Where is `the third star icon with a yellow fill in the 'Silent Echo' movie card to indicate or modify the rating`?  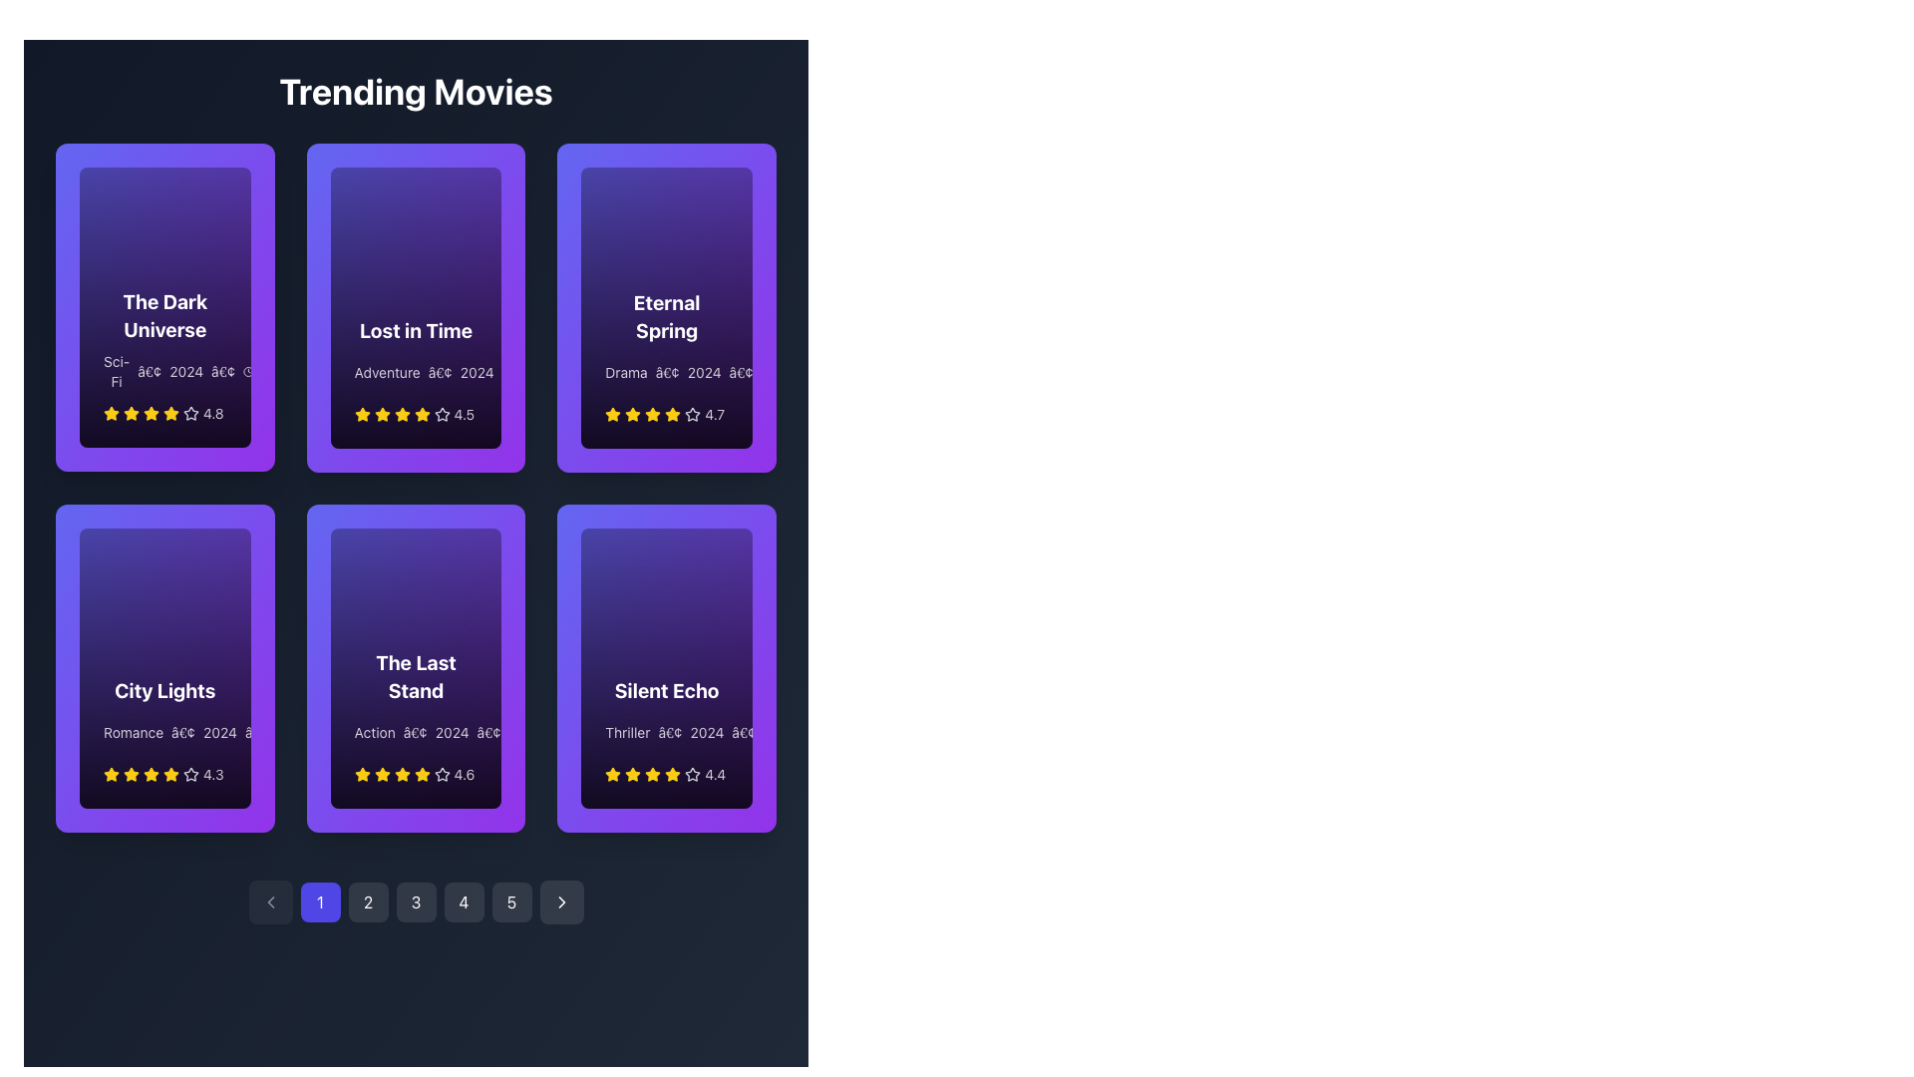
the third star icon with a yellow fill in the 'Silent Echo' movie card to indicate or modify the rating is located at coordinates (653, 773).